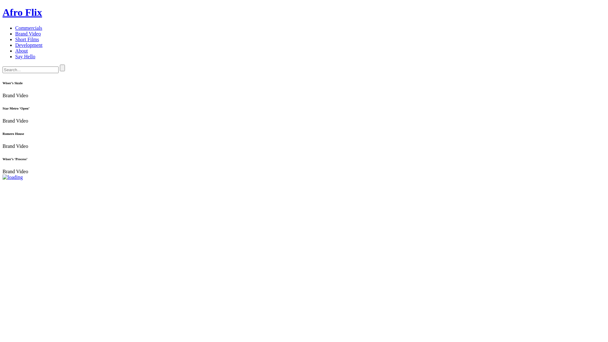 Image resolution: width=608 pixels, height=342 pixels. Describe the element at coordinates (21, 50) in the screenshot. I see `'About'` at that location.